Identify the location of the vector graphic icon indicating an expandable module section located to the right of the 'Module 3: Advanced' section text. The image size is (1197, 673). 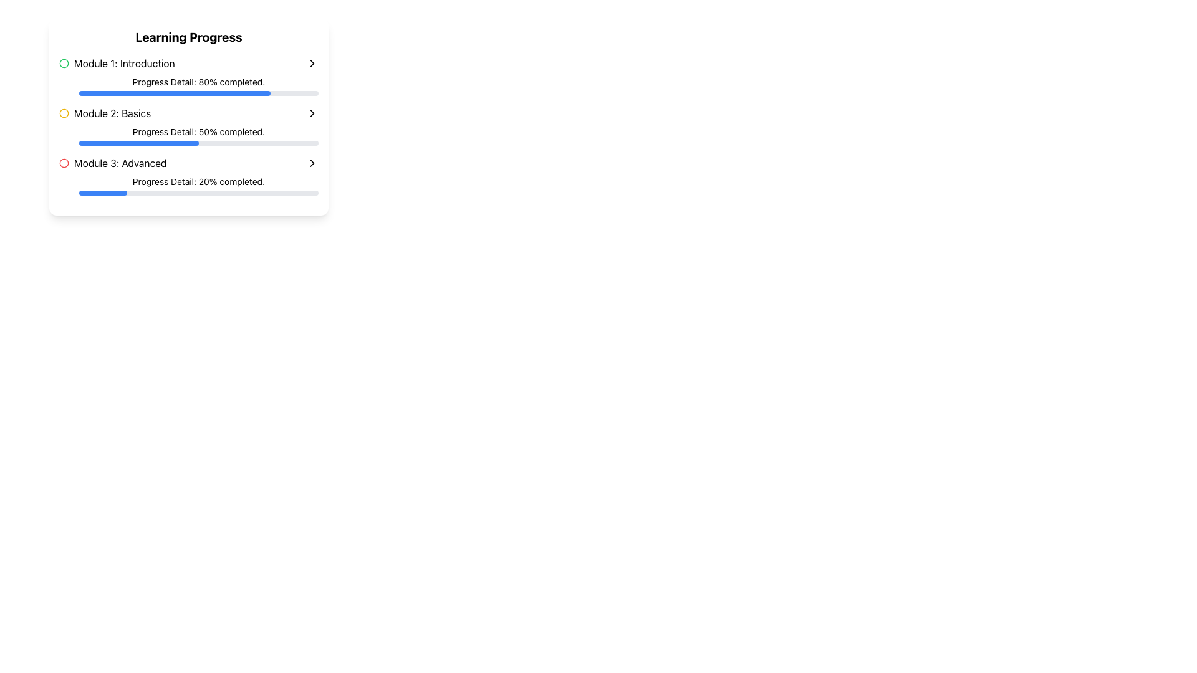
(312, 163).